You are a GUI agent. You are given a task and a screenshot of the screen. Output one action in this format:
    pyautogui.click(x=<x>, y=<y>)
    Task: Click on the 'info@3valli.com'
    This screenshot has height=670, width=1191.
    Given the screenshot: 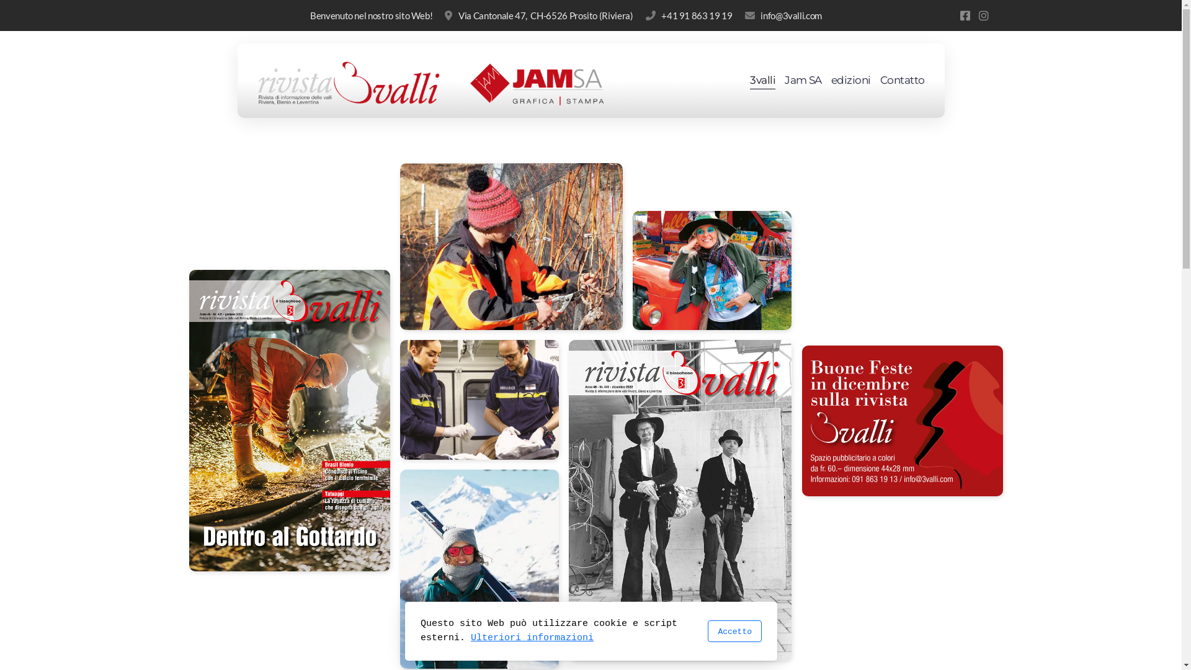 What is the action you would take?
    pyautogui.click(x=782, y=15)
    